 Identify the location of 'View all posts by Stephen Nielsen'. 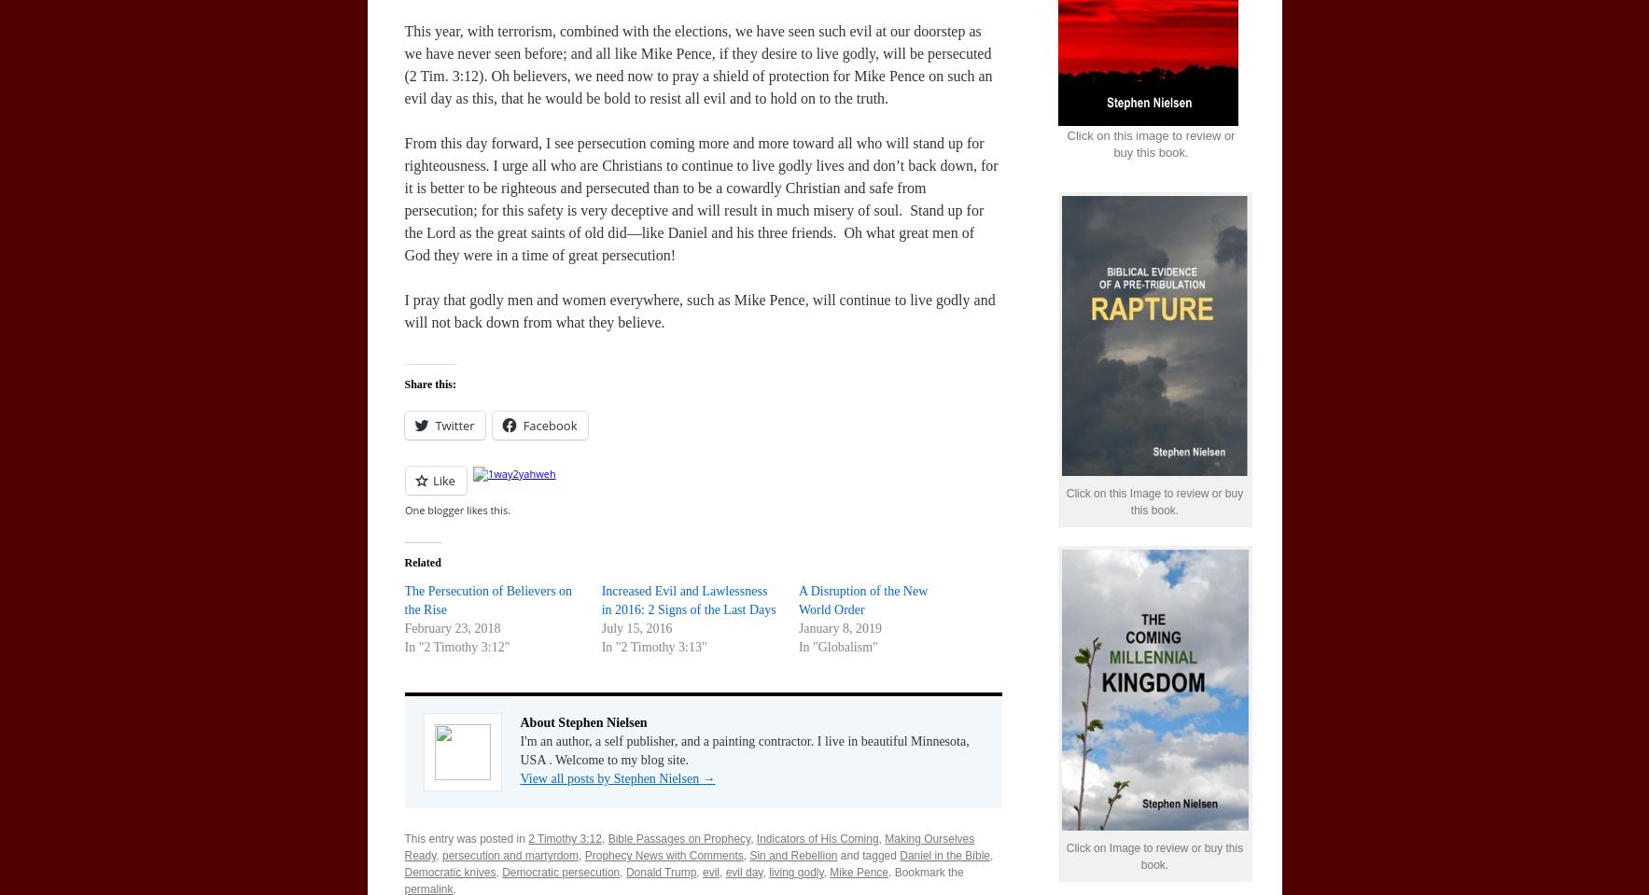
(609, 777).